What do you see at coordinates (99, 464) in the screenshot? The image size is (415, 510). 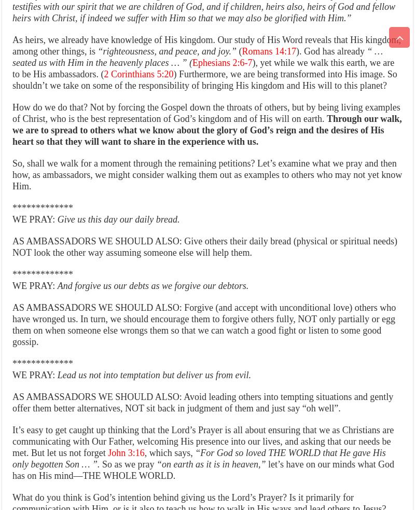 I see `'So as we pray'` at bounding box center [99, 464].